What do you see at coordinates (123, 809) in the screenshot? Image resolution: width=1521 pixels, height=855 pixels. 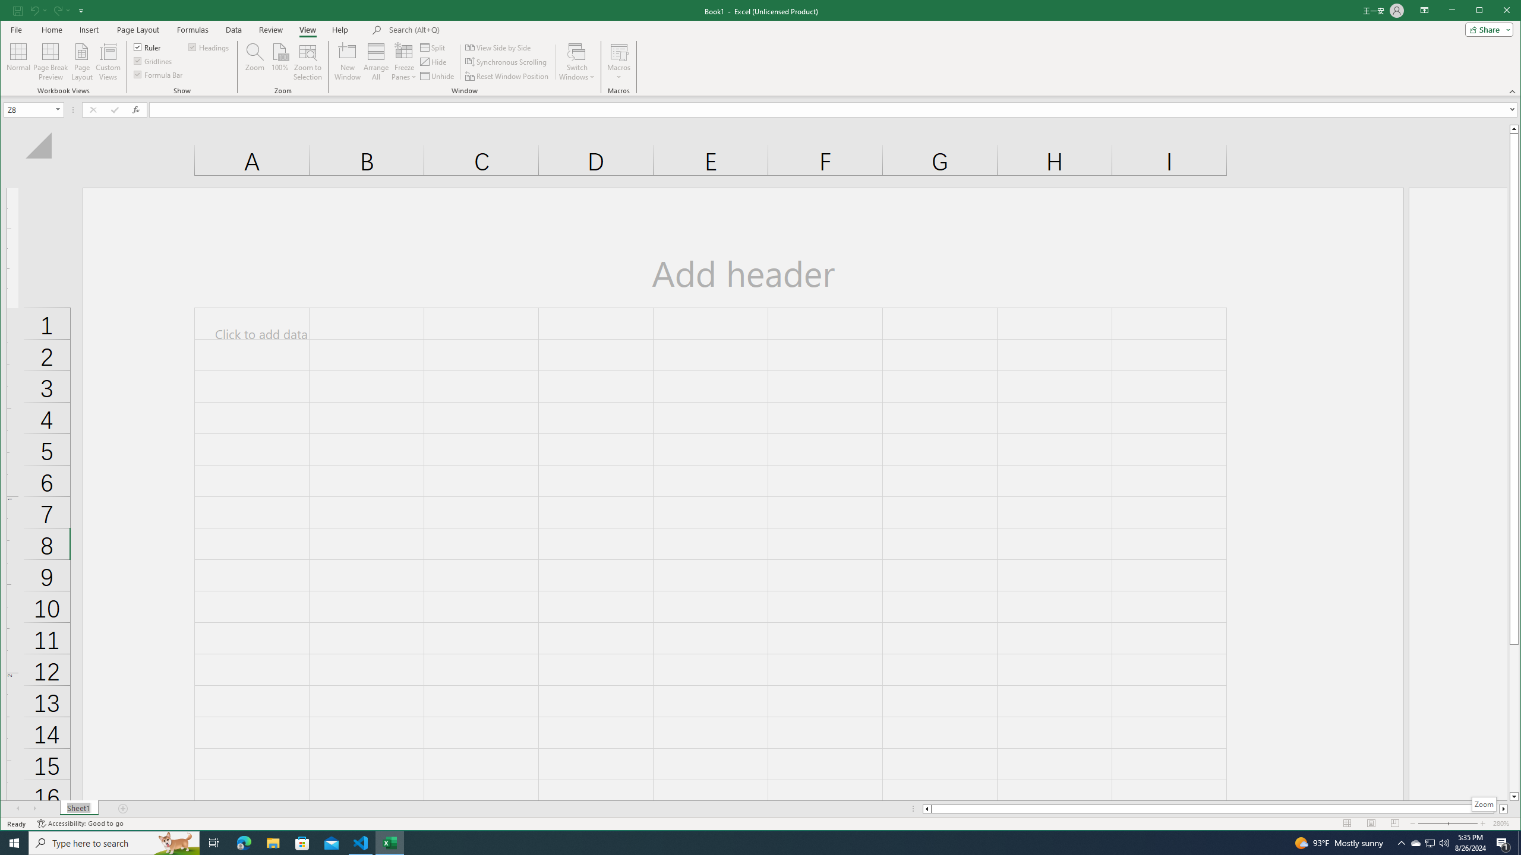 I see `'Accessibility Checker Accessibility: Good to go'` at bounding box center [123, 809].